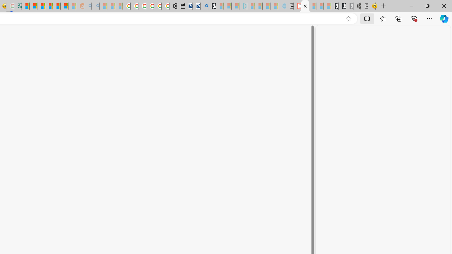 This screenshot has width=452, height=254. What do you see at coordinates (25, 6) in the screenshot?
I see `'MSNBC - MSN'` at bounding box center [25, 6].